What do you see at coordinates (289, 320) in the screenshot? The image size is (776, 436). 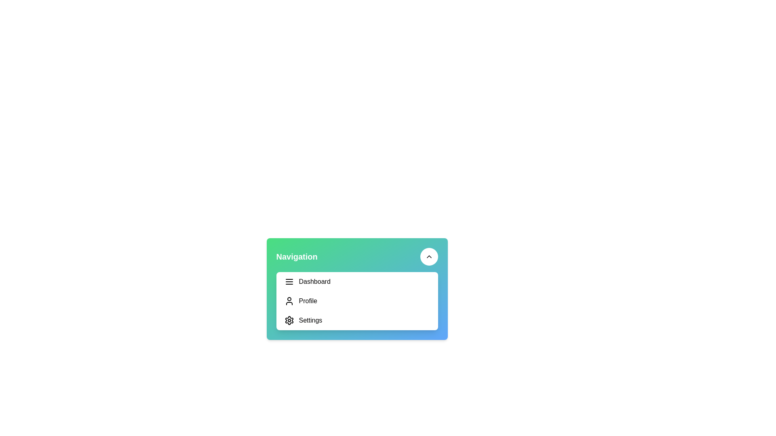 I see `the settings icon located in the navigation menu, positioned next to the 'Settings' option` at bounding box center [289, 320].